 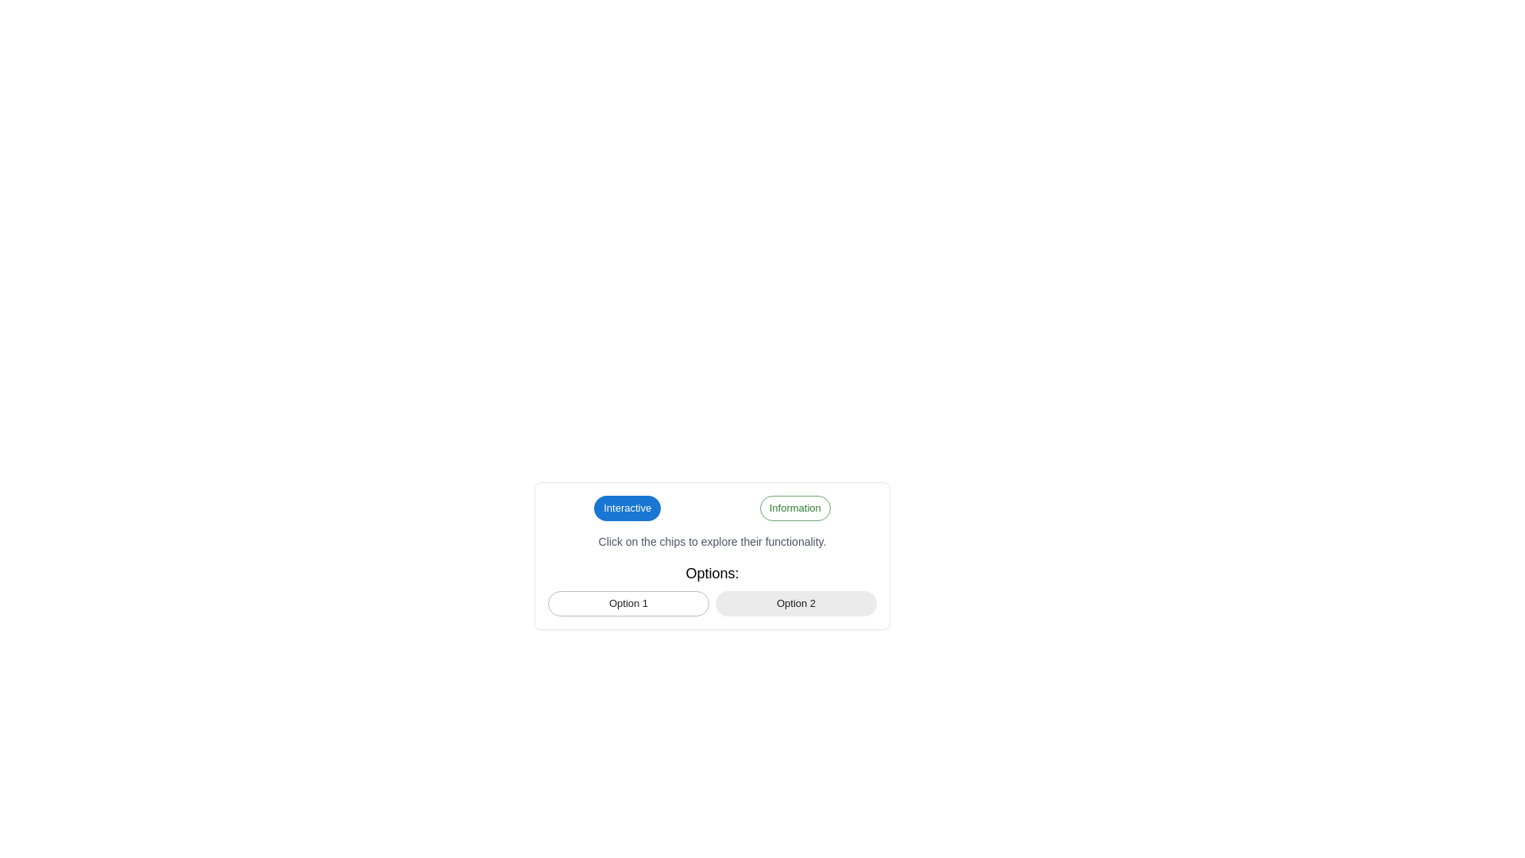 What do you see at coordinates (795, 508) in the screenshot?
I see `the chip component labeled 'Information' which has a green outlined border and is positioned as the second chip in a horizontal group` at bounding box center [795, 508].